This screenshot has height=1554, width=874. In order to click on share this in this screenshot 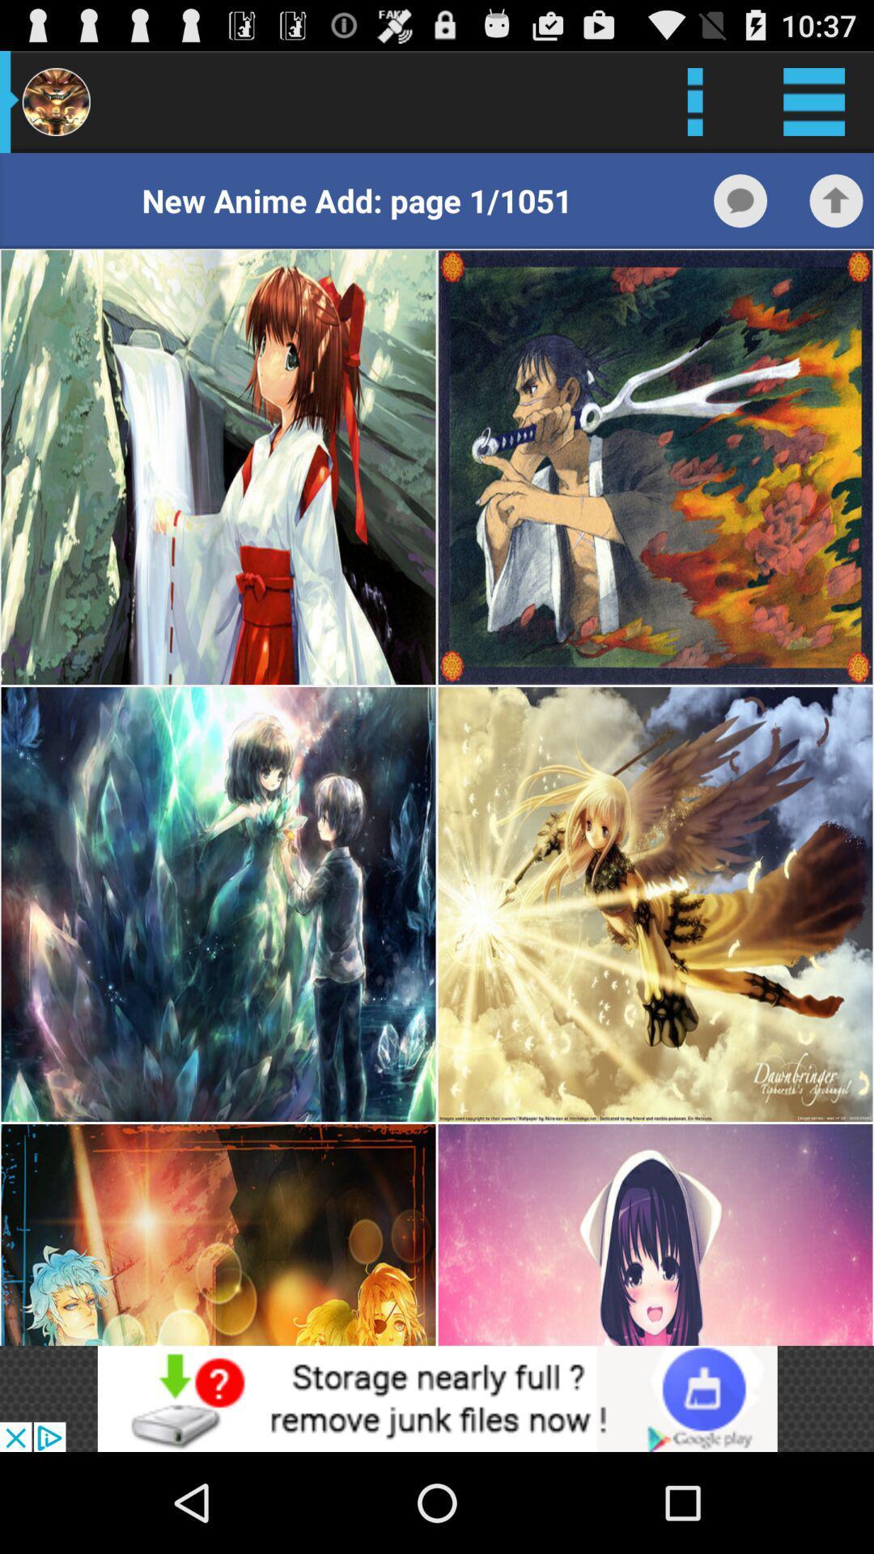, I will do `click(836, 200)`.